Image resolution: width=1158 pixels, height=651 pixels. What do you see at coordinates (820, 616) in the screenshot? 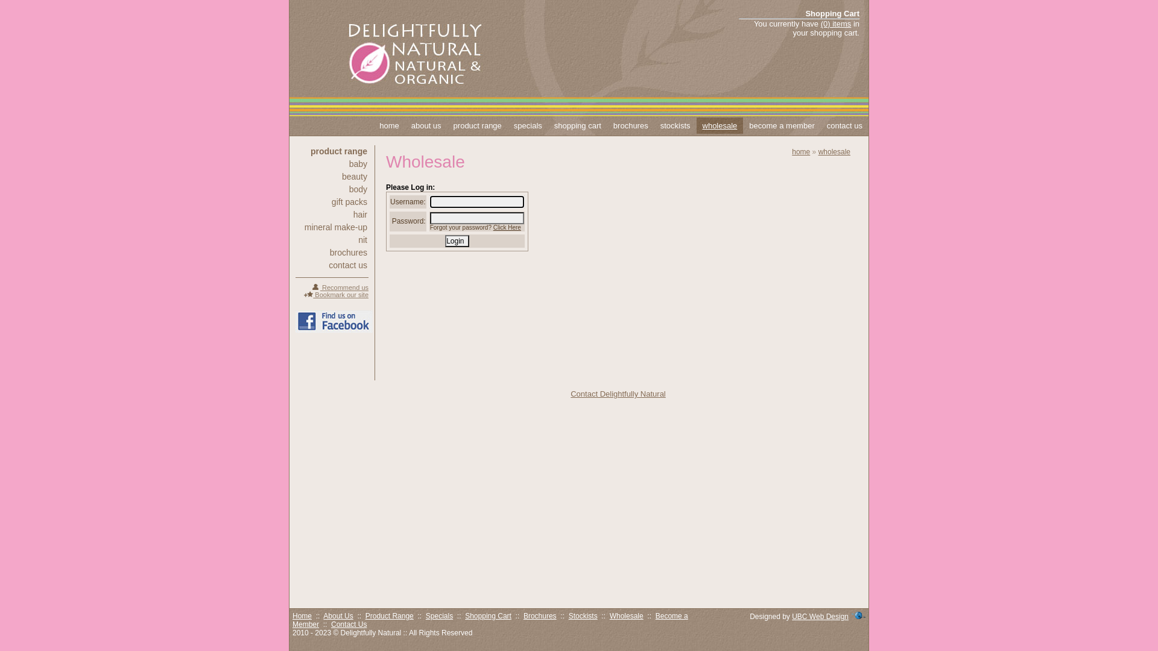
I see `'UBC Web Design'` at bounding box center [820, 616].